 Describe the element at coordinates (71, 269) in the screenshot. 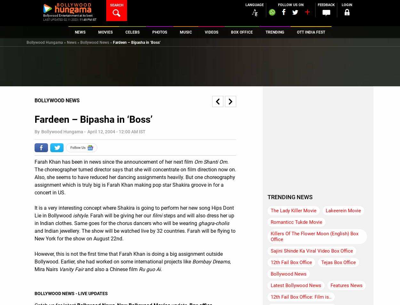

I see `'Vanity Fair'` at that location.